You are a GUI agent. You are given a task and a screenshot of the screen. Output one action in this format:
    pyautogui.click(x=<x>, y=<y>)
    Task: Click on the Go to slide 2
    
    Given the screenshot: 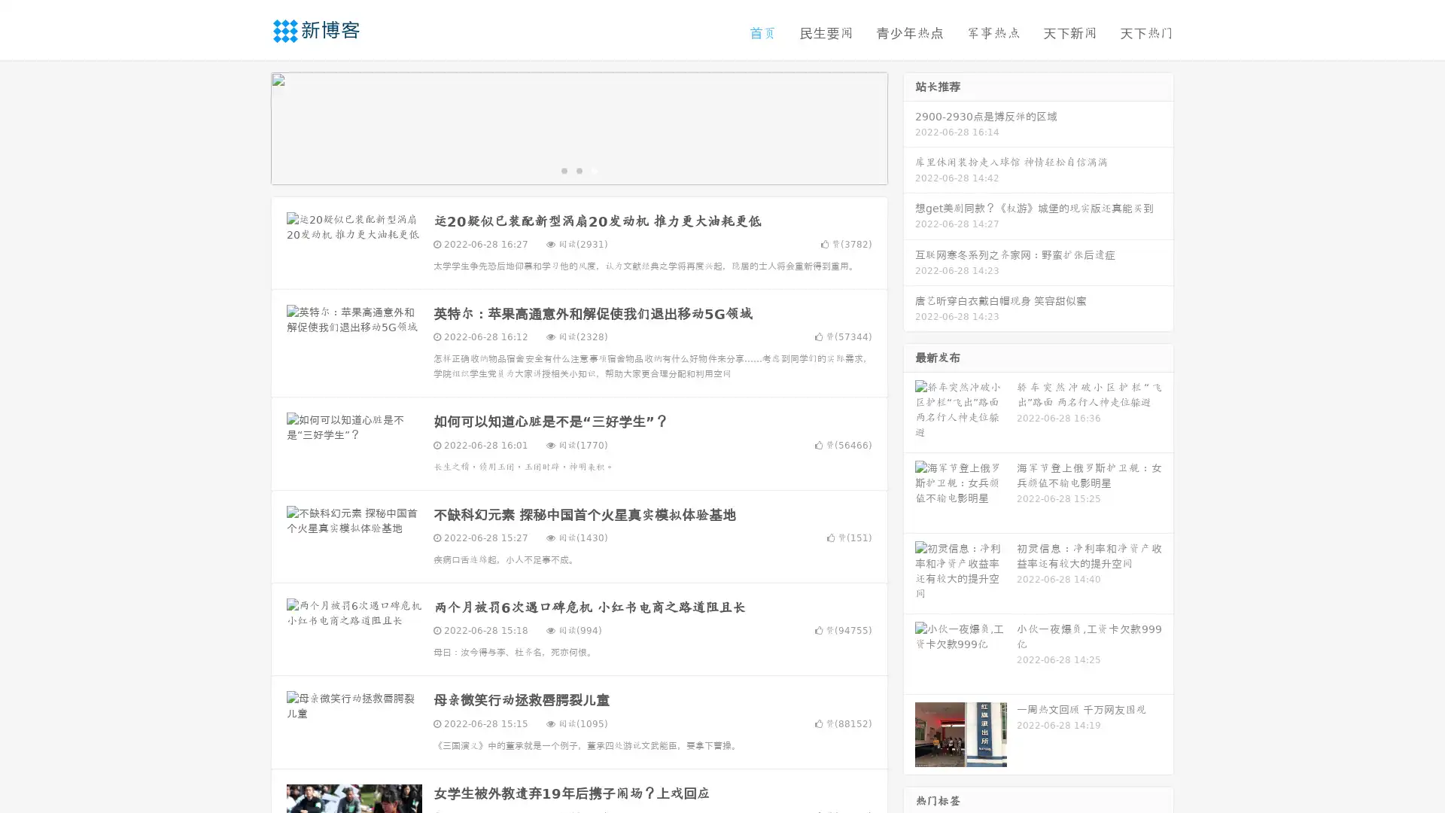 What is the action you would take?
    pyautogui.click(x=578, y=169)
    